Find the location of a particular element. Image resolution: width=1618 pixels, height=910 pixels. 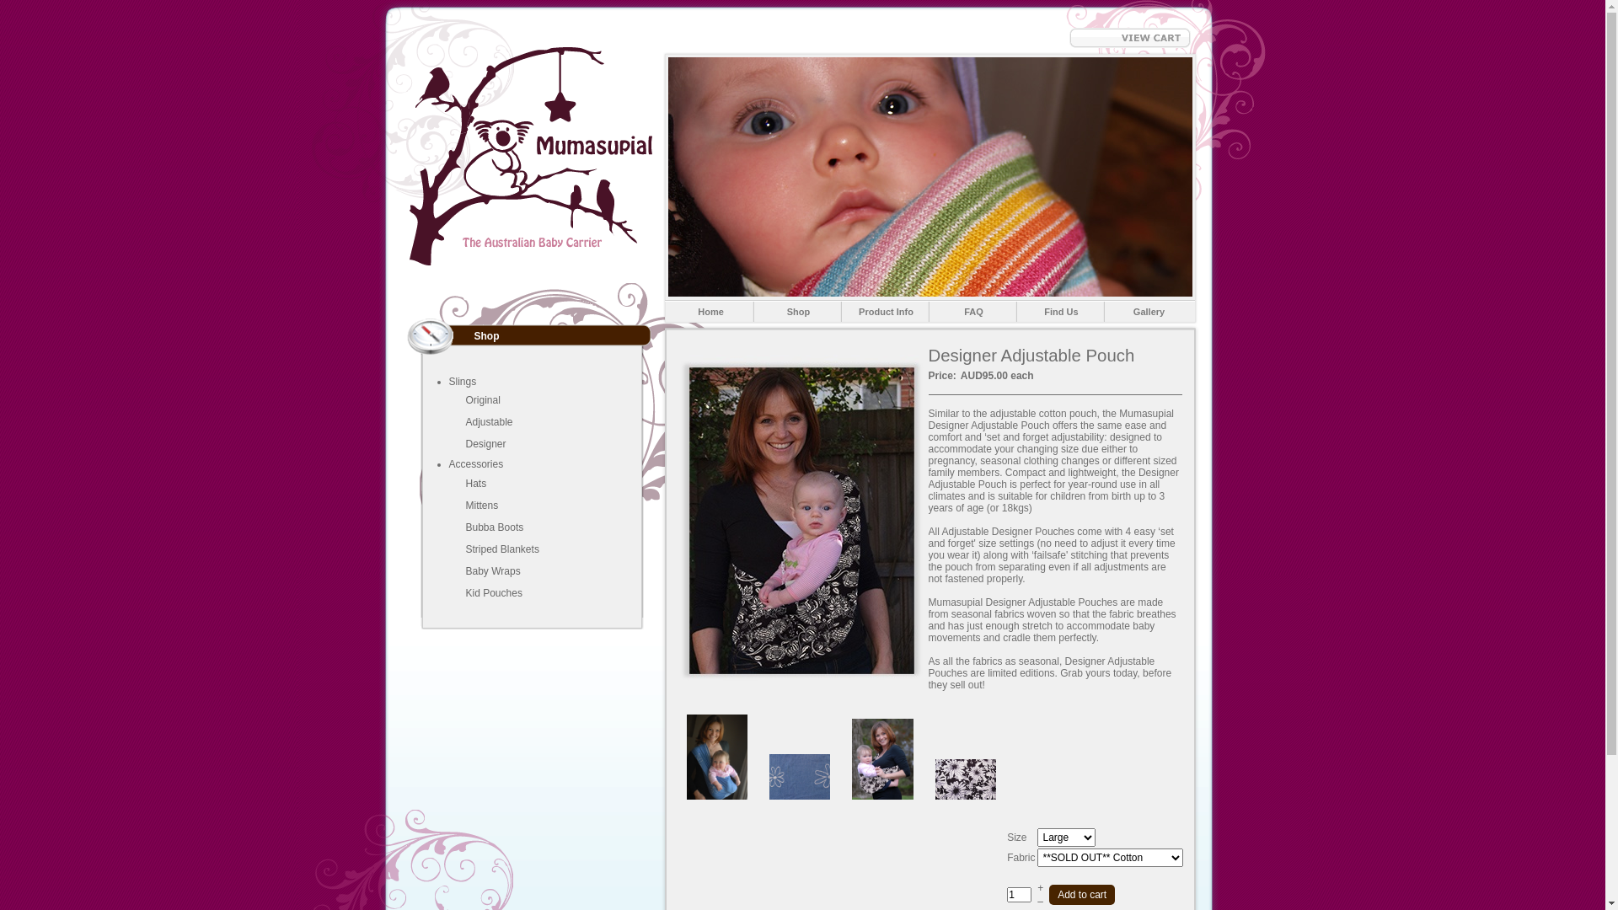

'Mittens' is located at coordinates (465, 505).